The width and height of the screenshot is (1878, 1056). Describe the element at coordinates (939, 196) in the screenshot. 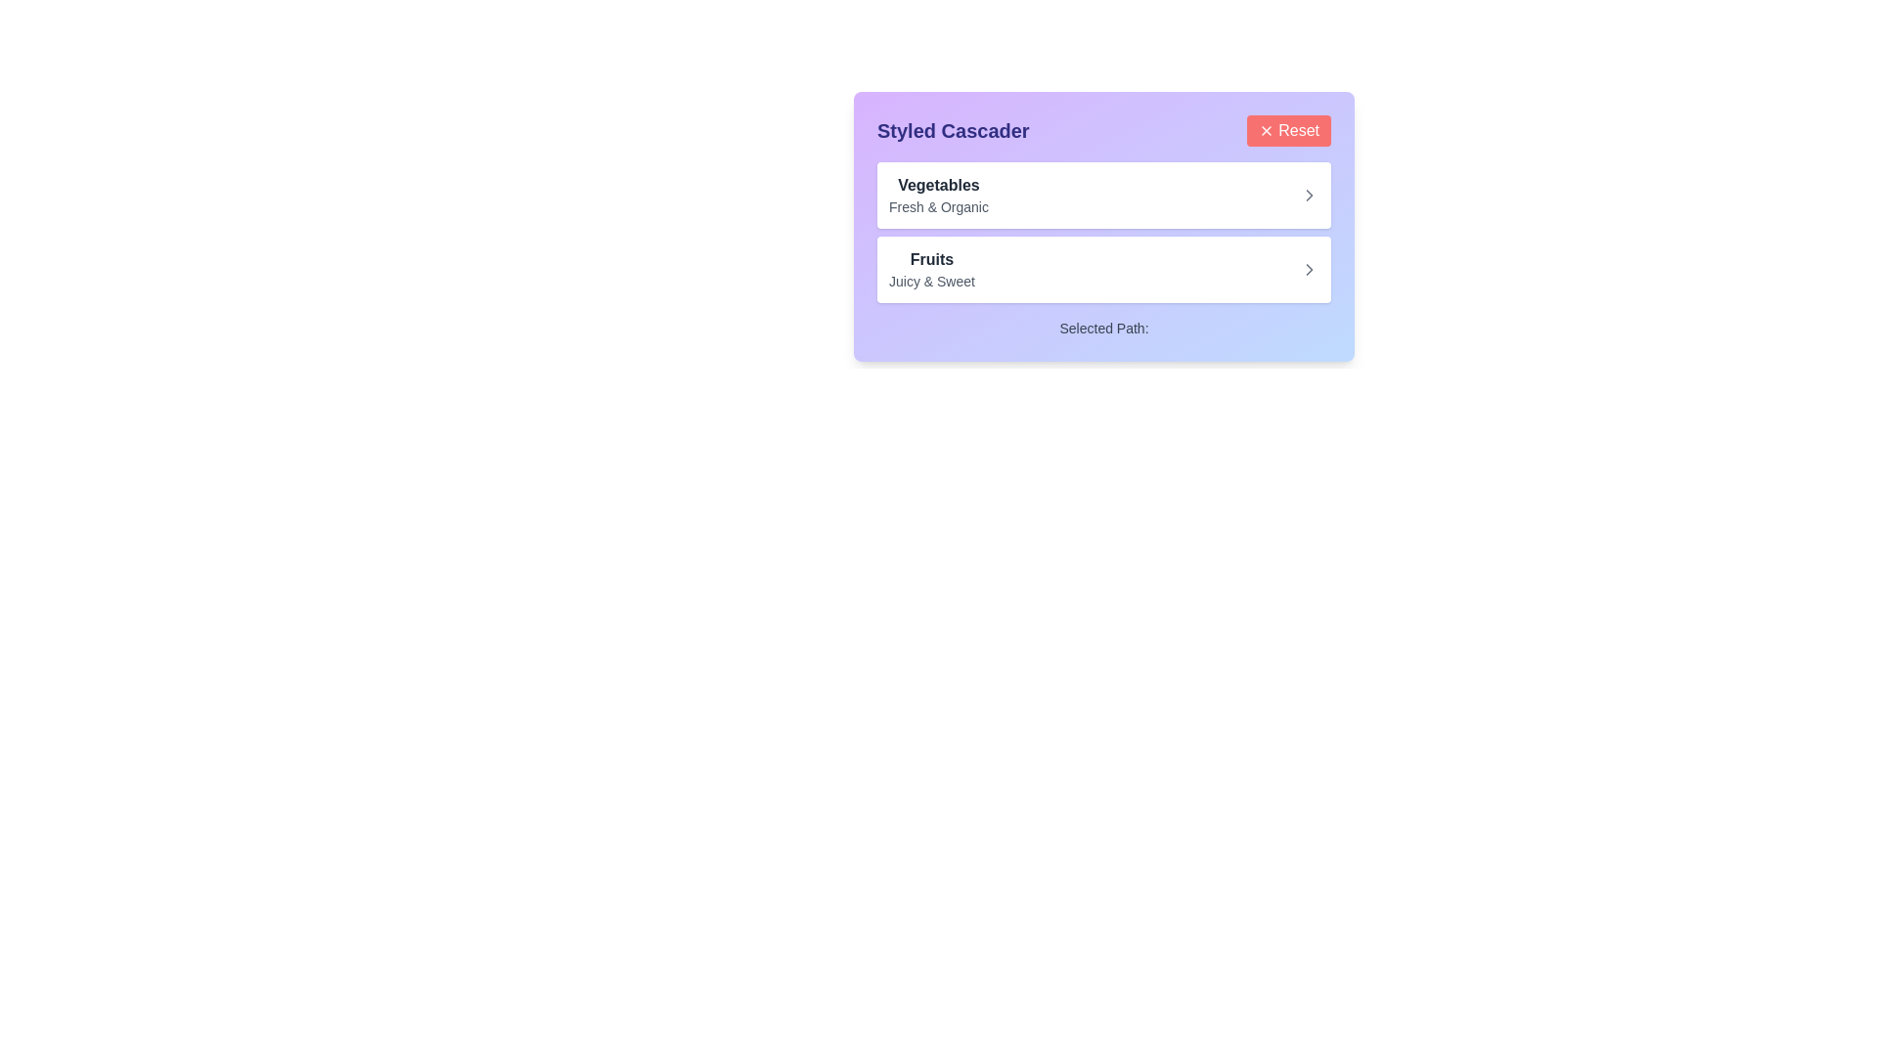

I see `the 'Vegetables' text label, which is the first item in a vertical list` at that location.